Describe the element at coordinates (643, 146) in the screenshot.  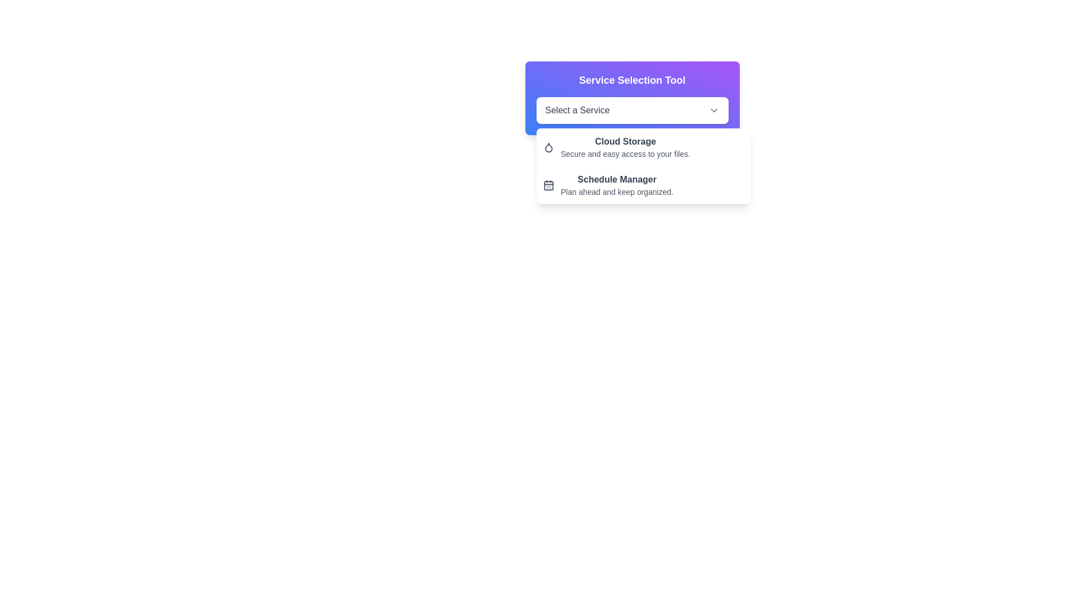
I see `the first list item in the dropdown menu labeled 'Cloud Storage' under the 'Service Selection Tool' header` at that location.